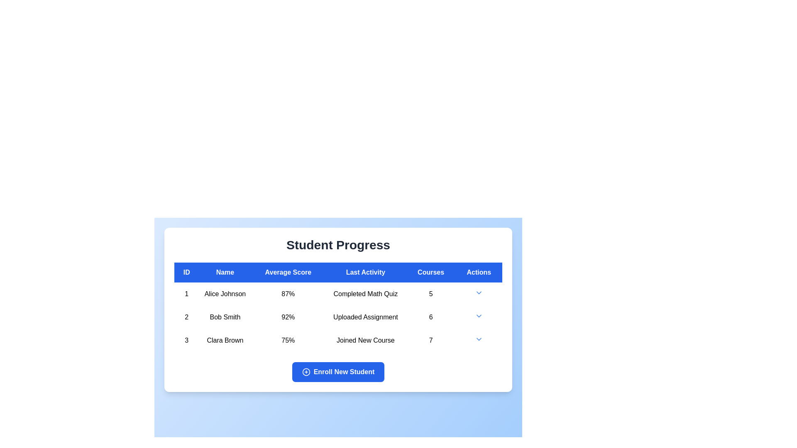  What do you see at coordinates (288, 272) in the screenshot?
I see `the 'Average Score' column header in the table, which is the third column header located between the 'Name' and 'Last Activity' headers` at bounding box center [288, 272].